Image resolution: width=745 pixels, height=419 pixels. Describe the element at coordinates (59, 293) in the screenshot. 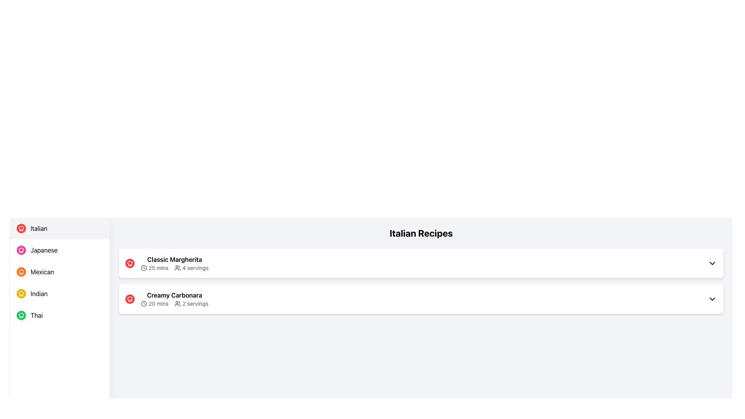

I see `the 'Indian' cuisine menu item located as the fourth element in the vertical list of cuisine options to filter or display Indian-related content` at that location.